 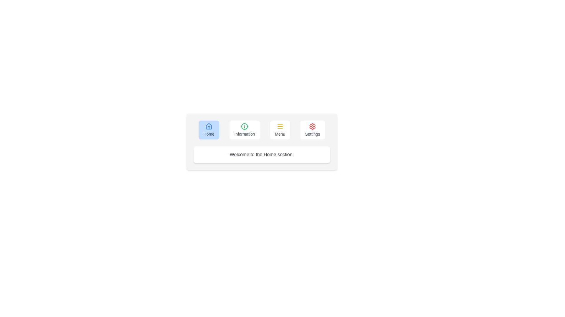 What do you see at coordinates (245, 134) in the screenshot?
I see `the 'Information' text label that is centrally positioned below a circular 'i' icon` at bounding box center [245, 134].